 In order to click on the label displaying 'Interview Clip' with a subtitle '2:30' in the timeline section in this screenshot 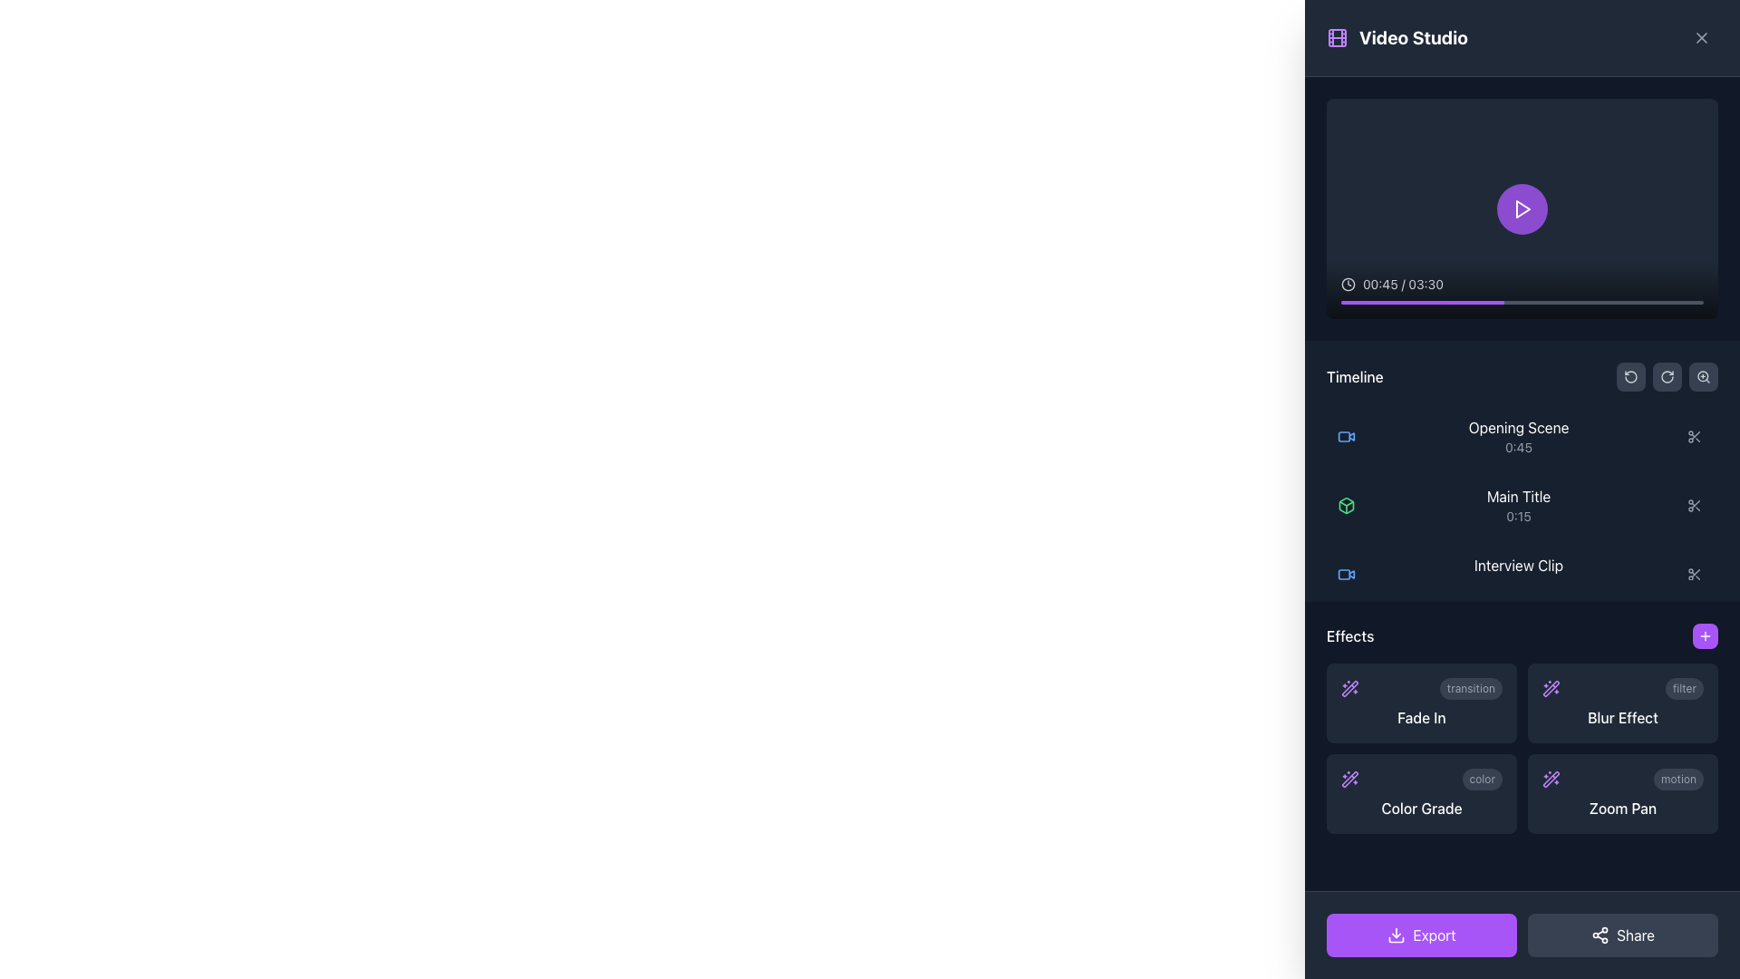, I will do `click(1518, 574)`.